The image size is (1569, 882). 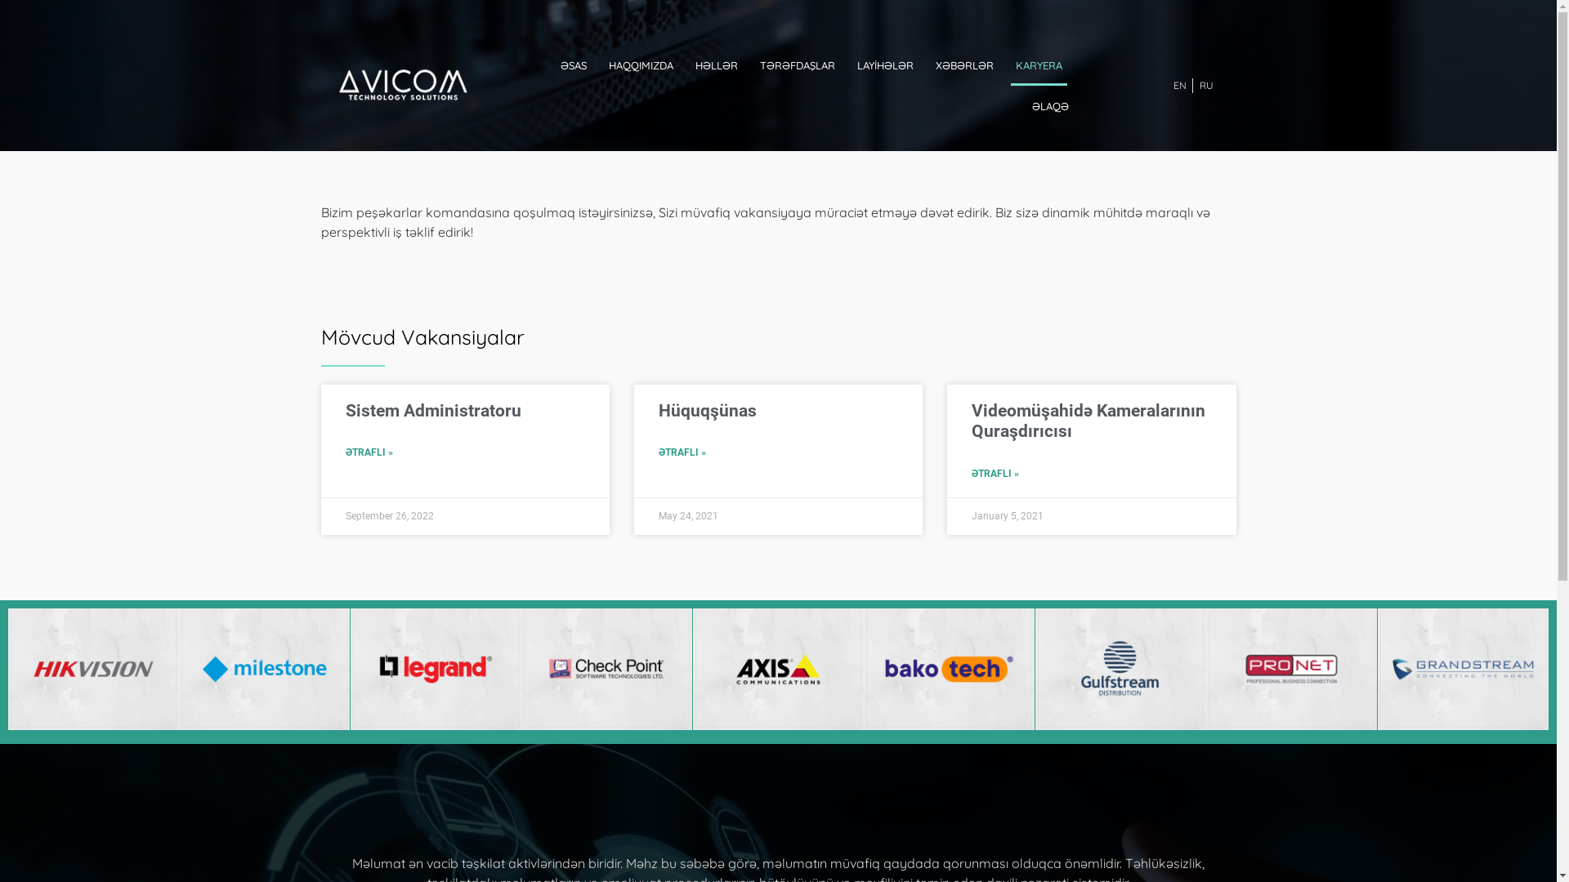 I want to click on 'KARYERA', so click(x=1010, y=65).